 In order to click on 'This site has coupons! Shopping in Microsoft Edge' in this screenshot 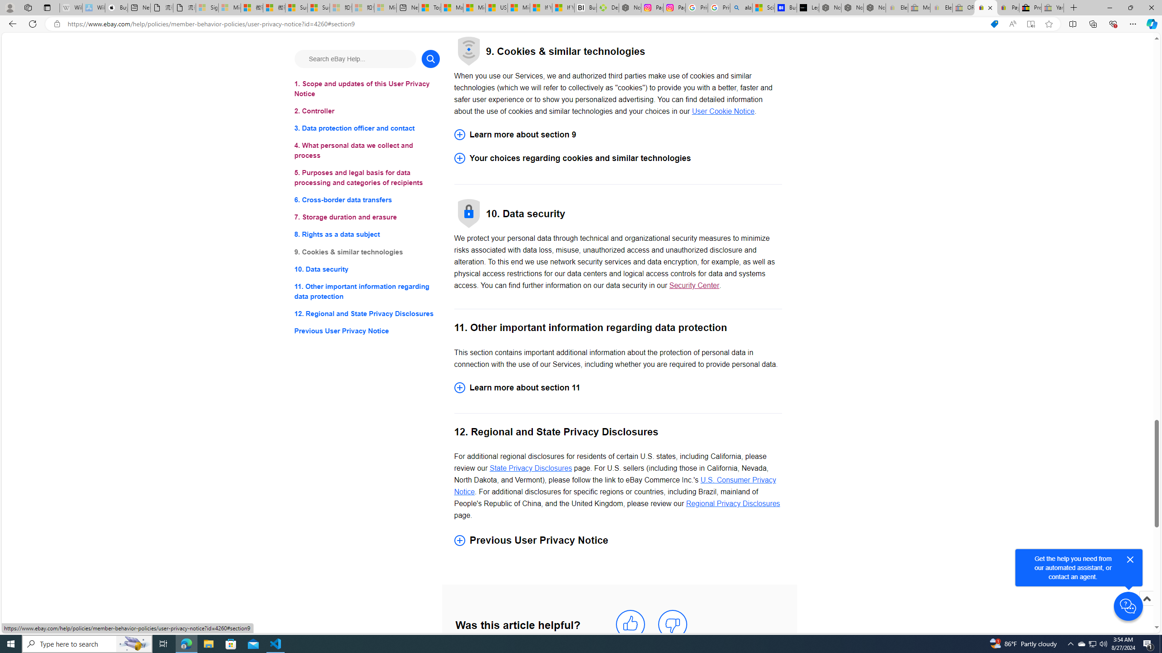, I will do `click(994, 24)`.